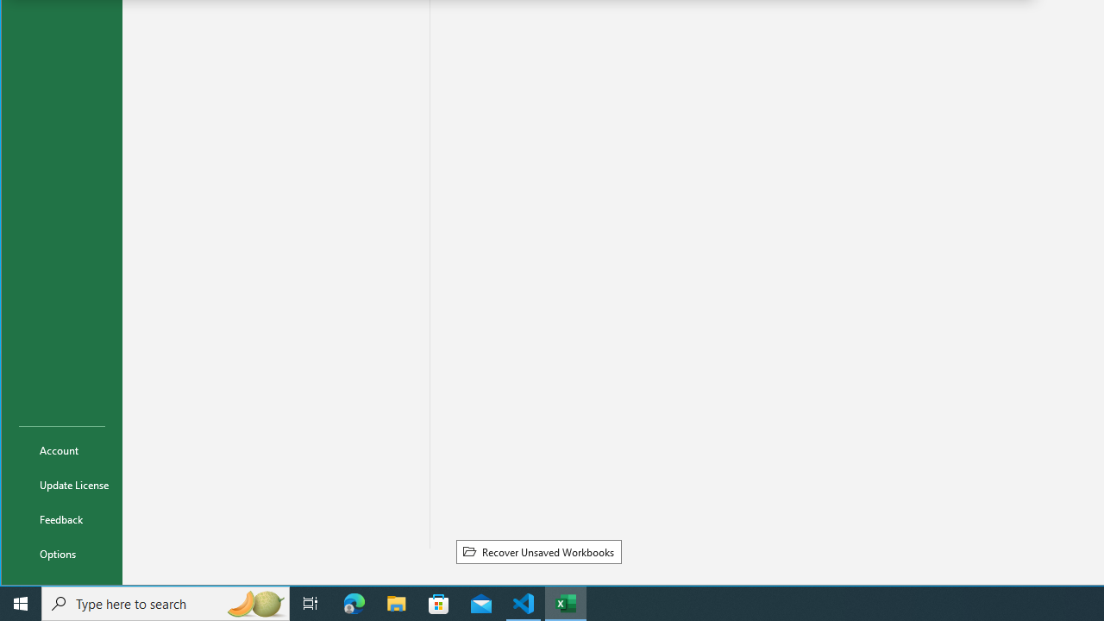 The width and height of the screenshot is (1104, 621). Describe the element at coordinates (523, 602) in the screenshot. I see `'Visual Studio Code - 1 running window'` at that location.